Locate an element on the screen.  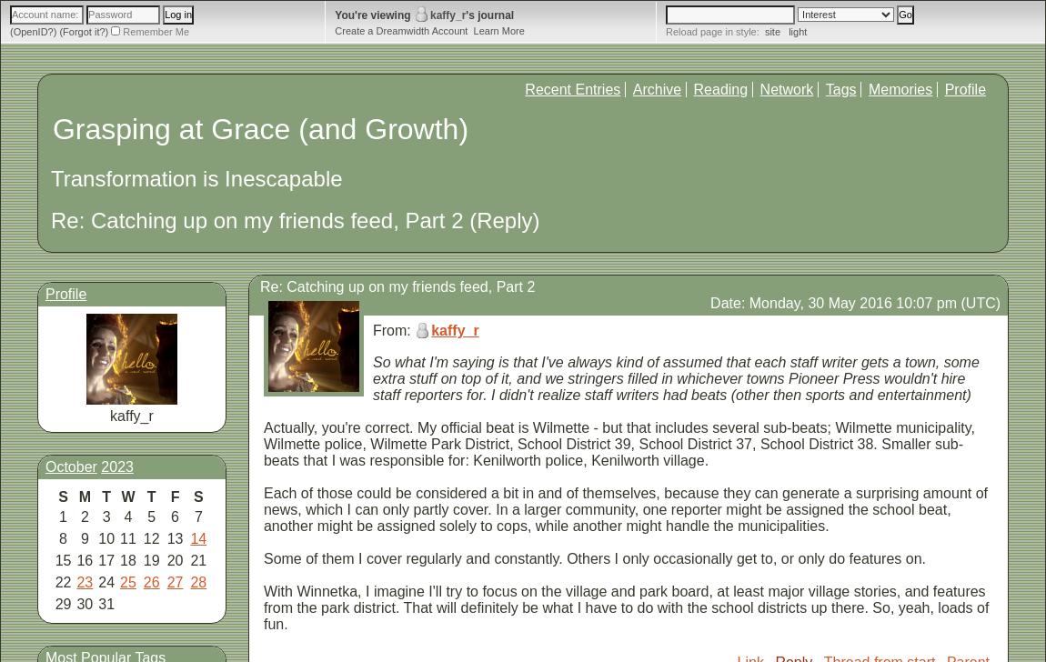
'6' is located at coordinates (174, 517).